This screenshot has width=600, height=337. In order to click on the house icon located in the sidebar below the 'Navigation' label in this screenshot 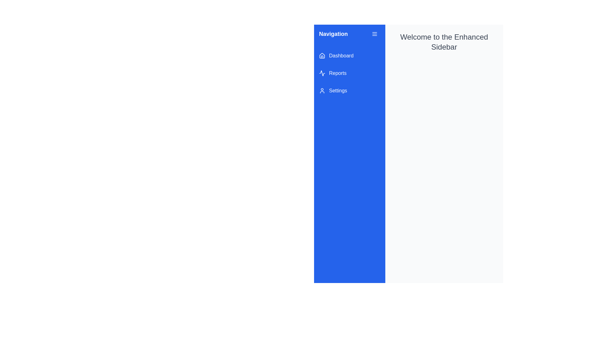, I will do `click(322, 55)`.